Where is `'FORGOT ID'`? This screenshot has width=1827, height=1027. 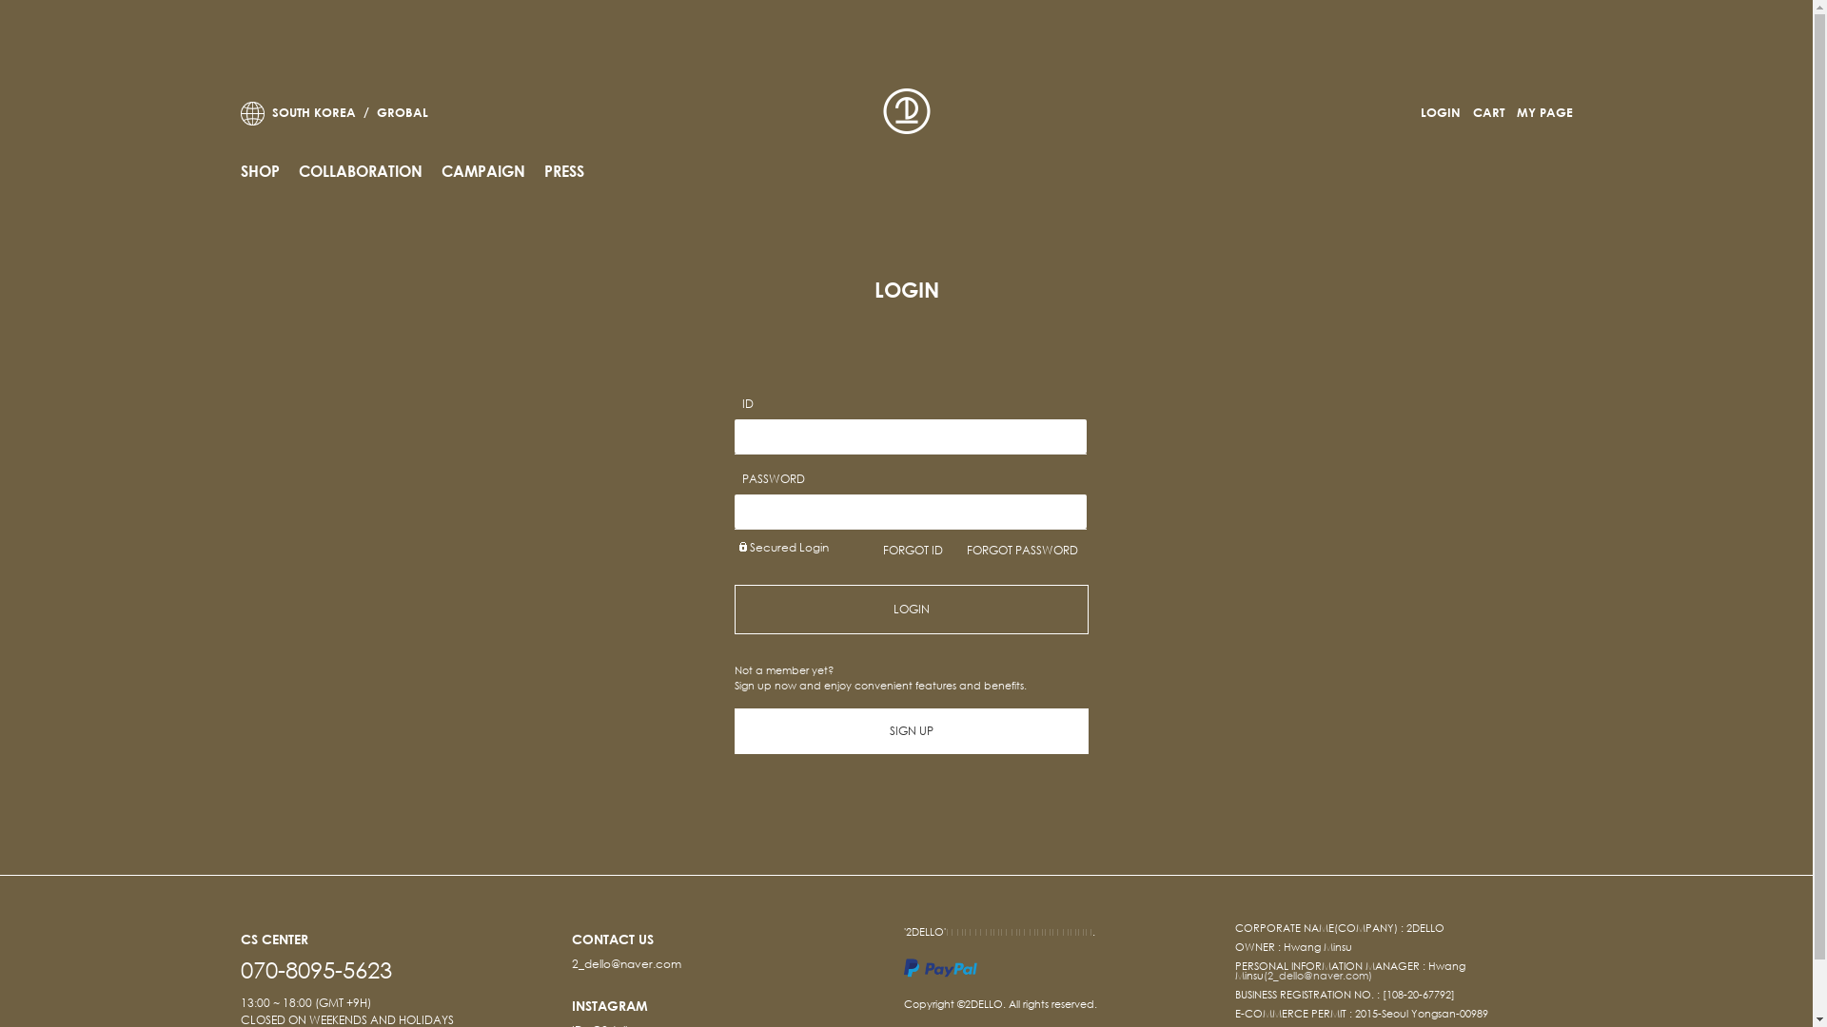
'FORGOT ID' is located at coordinates (881, 550).